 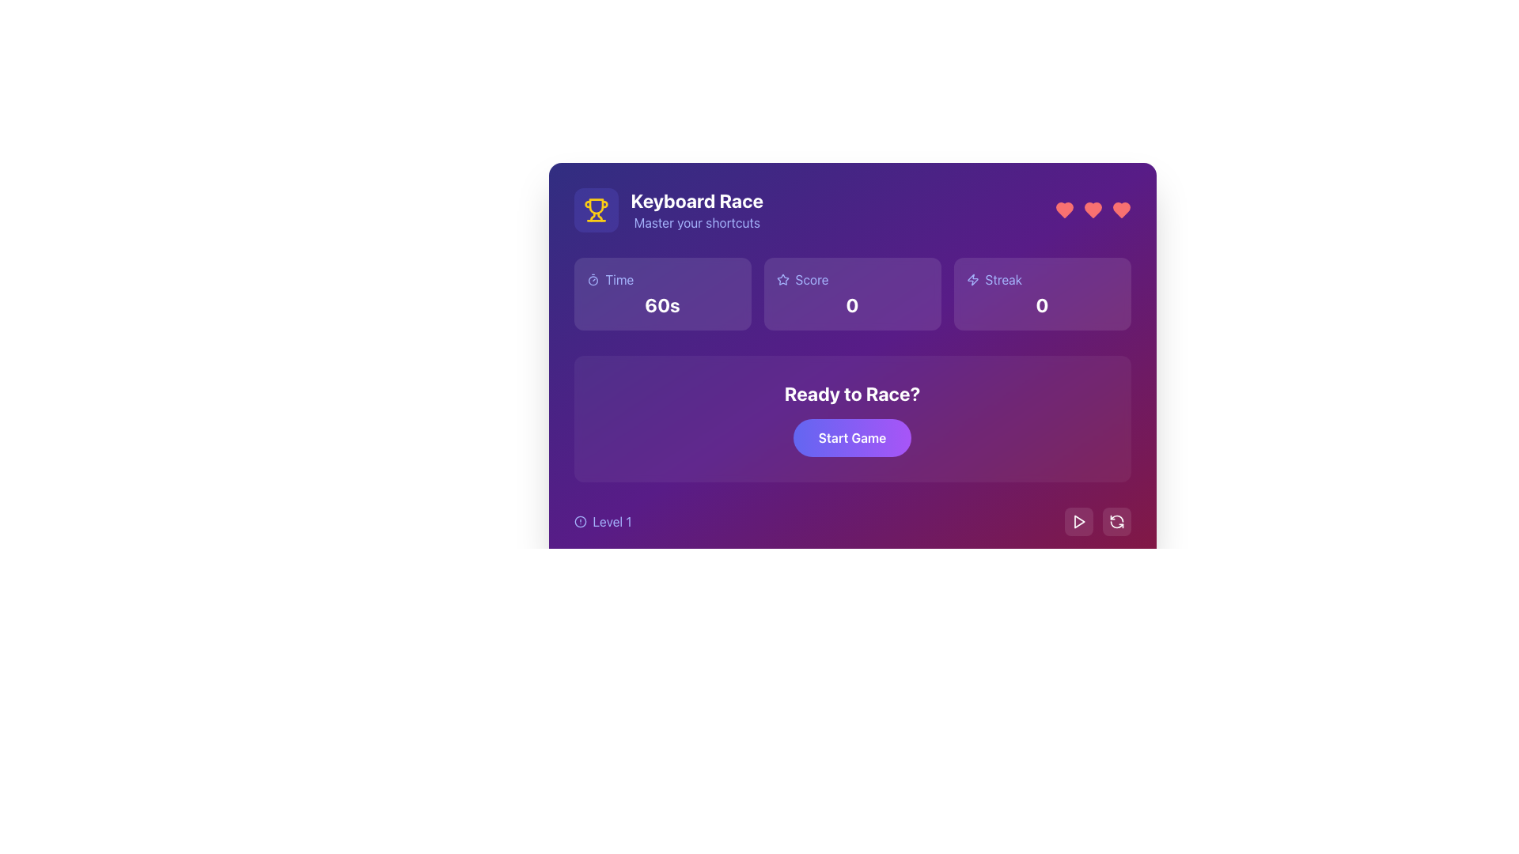 What do you see at coordinates (1042, 293) in the screenshot?
I see `informational card that displays the current streak value in the game interface for contextual data` at bounding box center [1042, 293].